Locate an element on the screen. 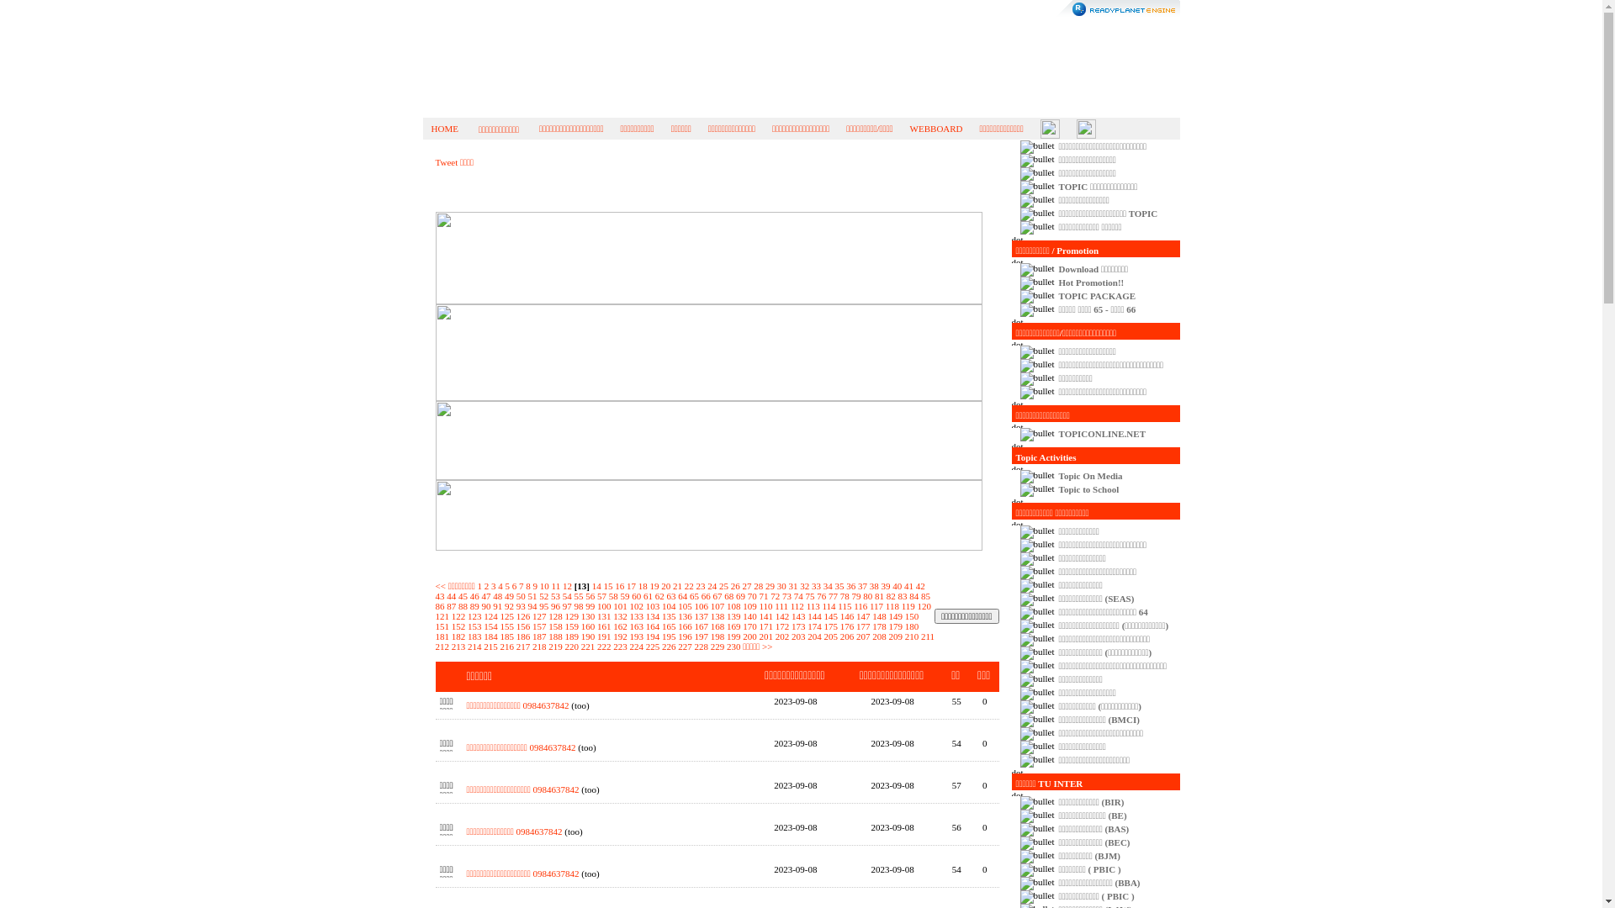 The width and height of the screenshot is (1615, 908). '192' is located at coordinates (619, 636).